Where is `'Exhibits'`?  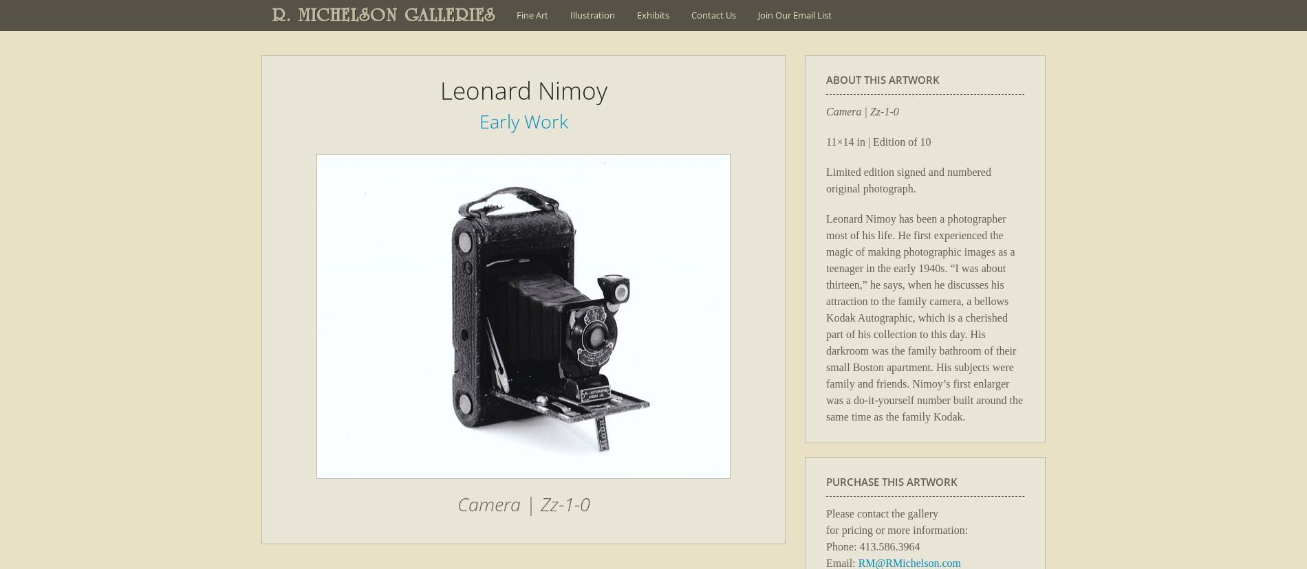
'Exhibits' is located at coordinates (651, 15).